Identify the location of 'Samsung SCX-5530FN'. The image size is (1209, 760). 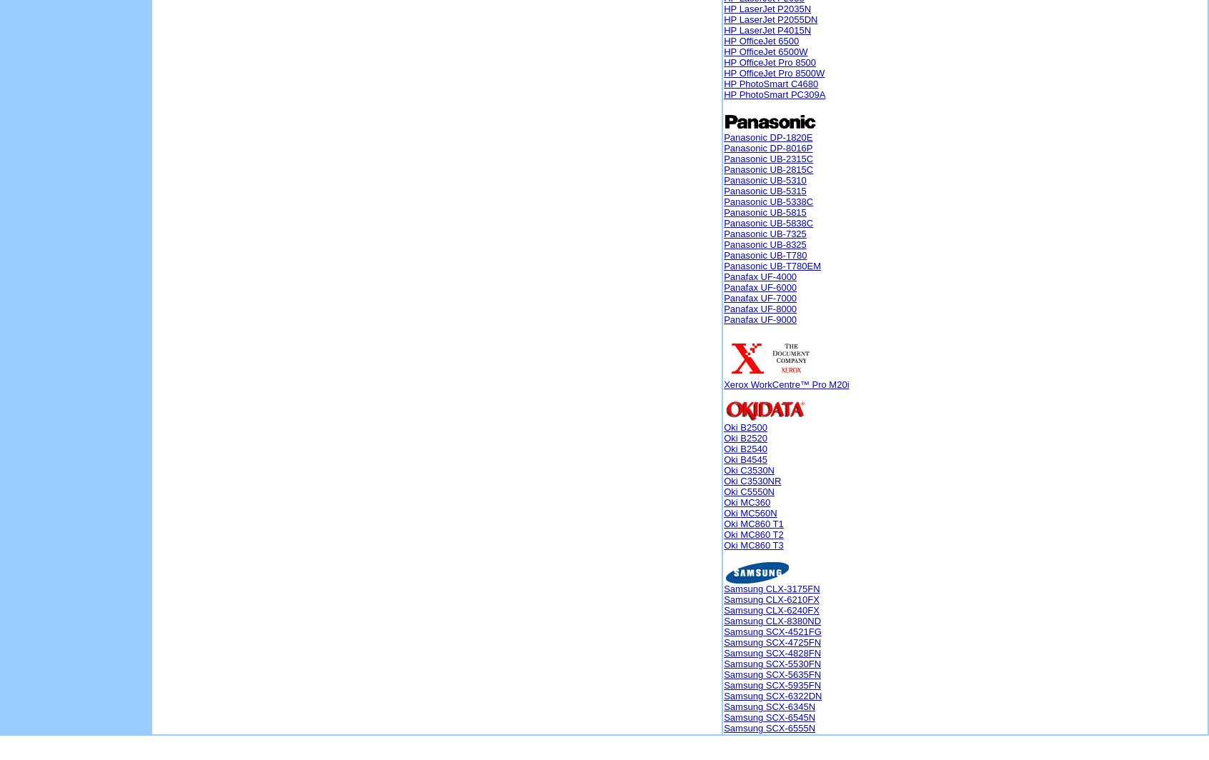
(772, 664).